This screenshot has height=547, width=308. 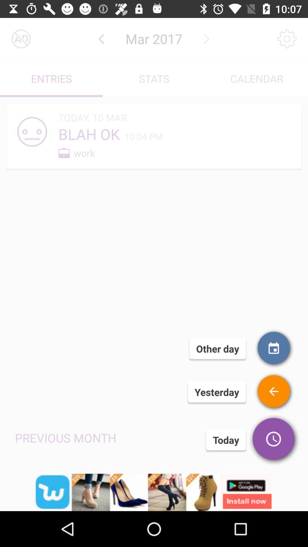 I want to click on the arrow_backward icon, so click(x=101, y=38).